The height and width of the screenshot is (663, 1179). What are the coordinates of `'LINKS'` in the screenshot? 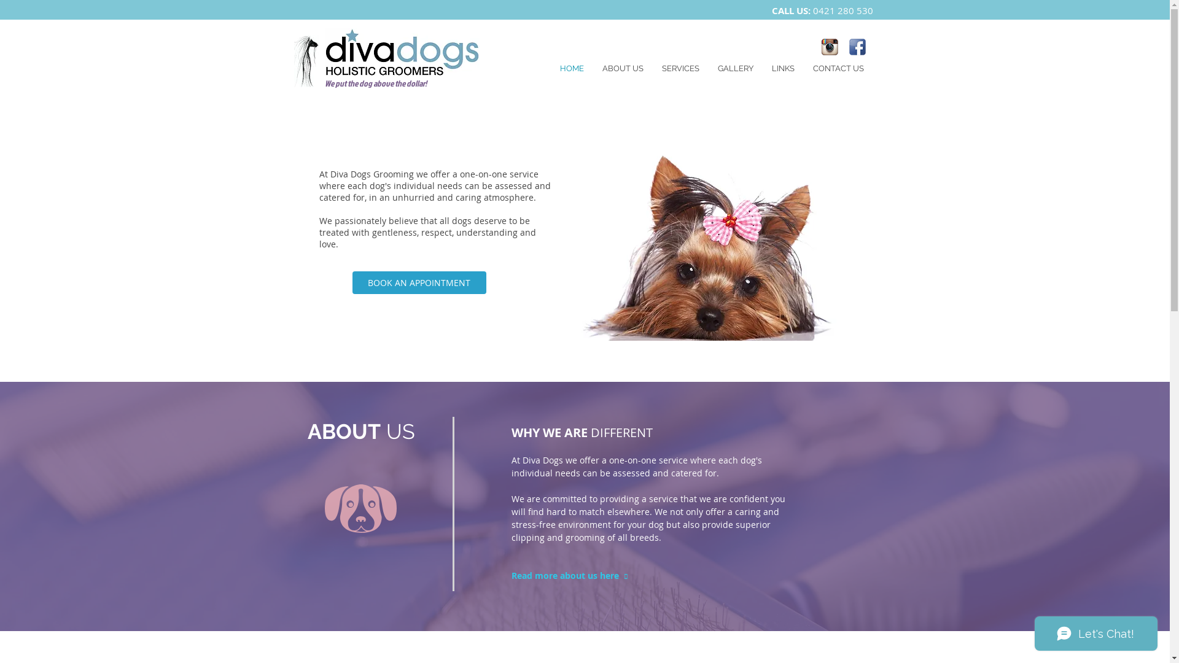 It's located at (782, 68).